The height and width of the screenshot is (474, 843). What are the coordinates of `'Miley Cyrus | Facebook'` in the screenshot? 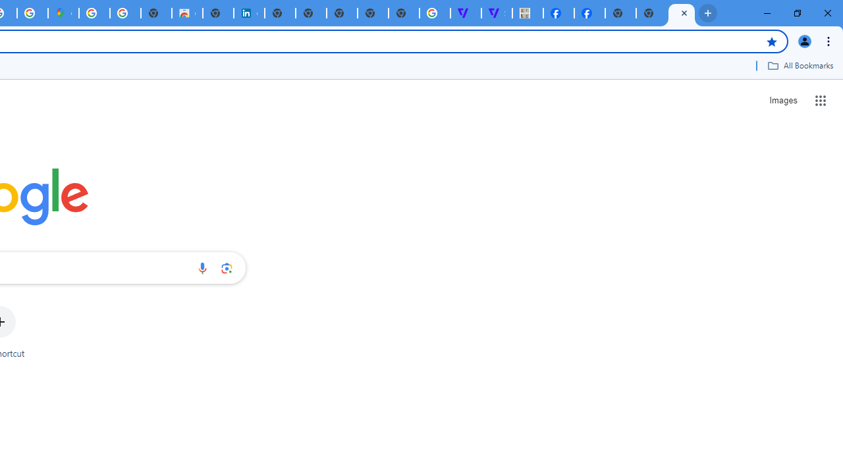 It's located at (558, 13).